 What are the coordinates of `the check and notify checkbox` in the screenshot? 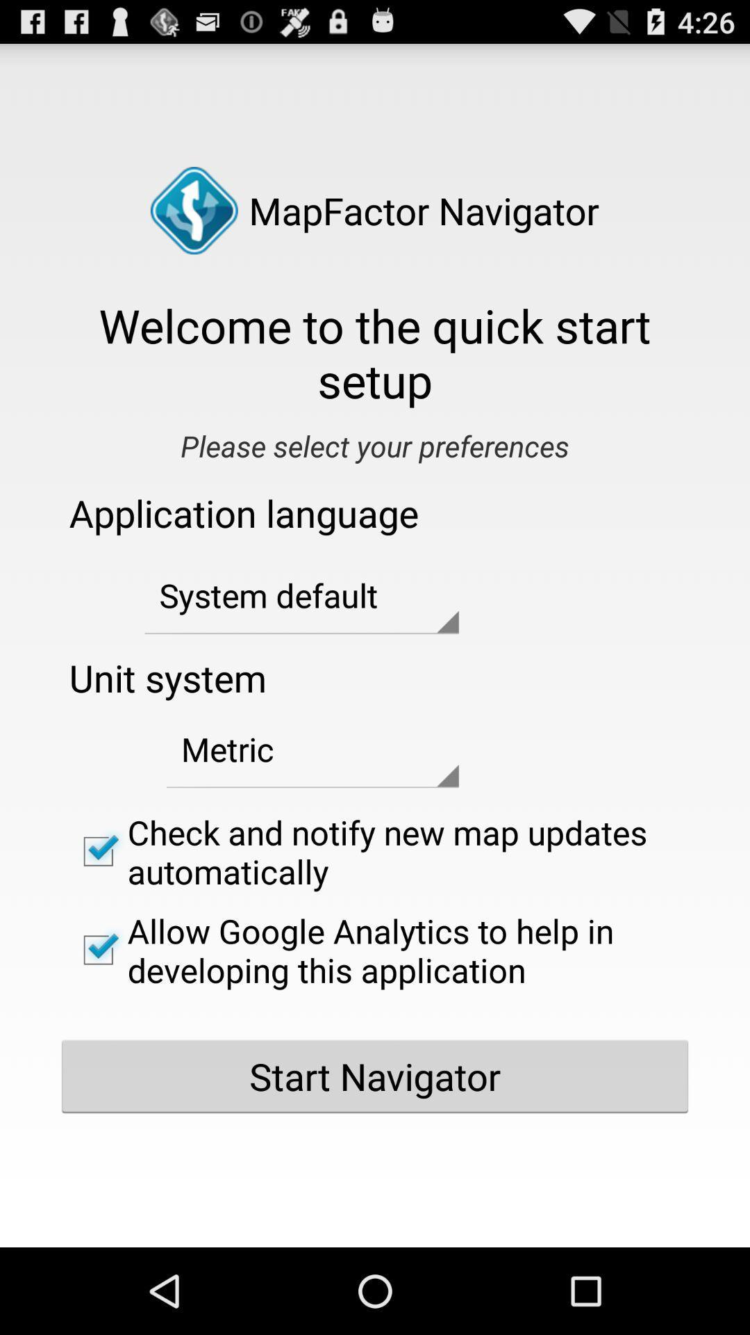 It's located at (375, 851).